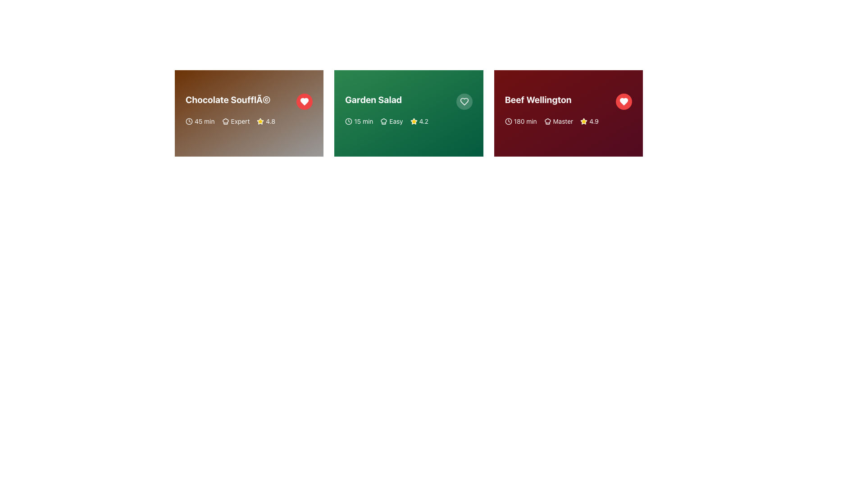 The image size is (865, 486). What do you see at coordinates (547, 121) in the screenshot?
I see `the SVG-based icon representing a chef's hat in the 'Beef Wellington' card, located in the top-right corner adjacent to interactive elements` at bounding box center [547, 121].